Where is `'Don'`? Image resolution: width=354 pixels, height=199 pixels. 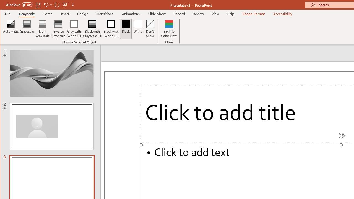 'Don' is located at coordinates (150, 29).